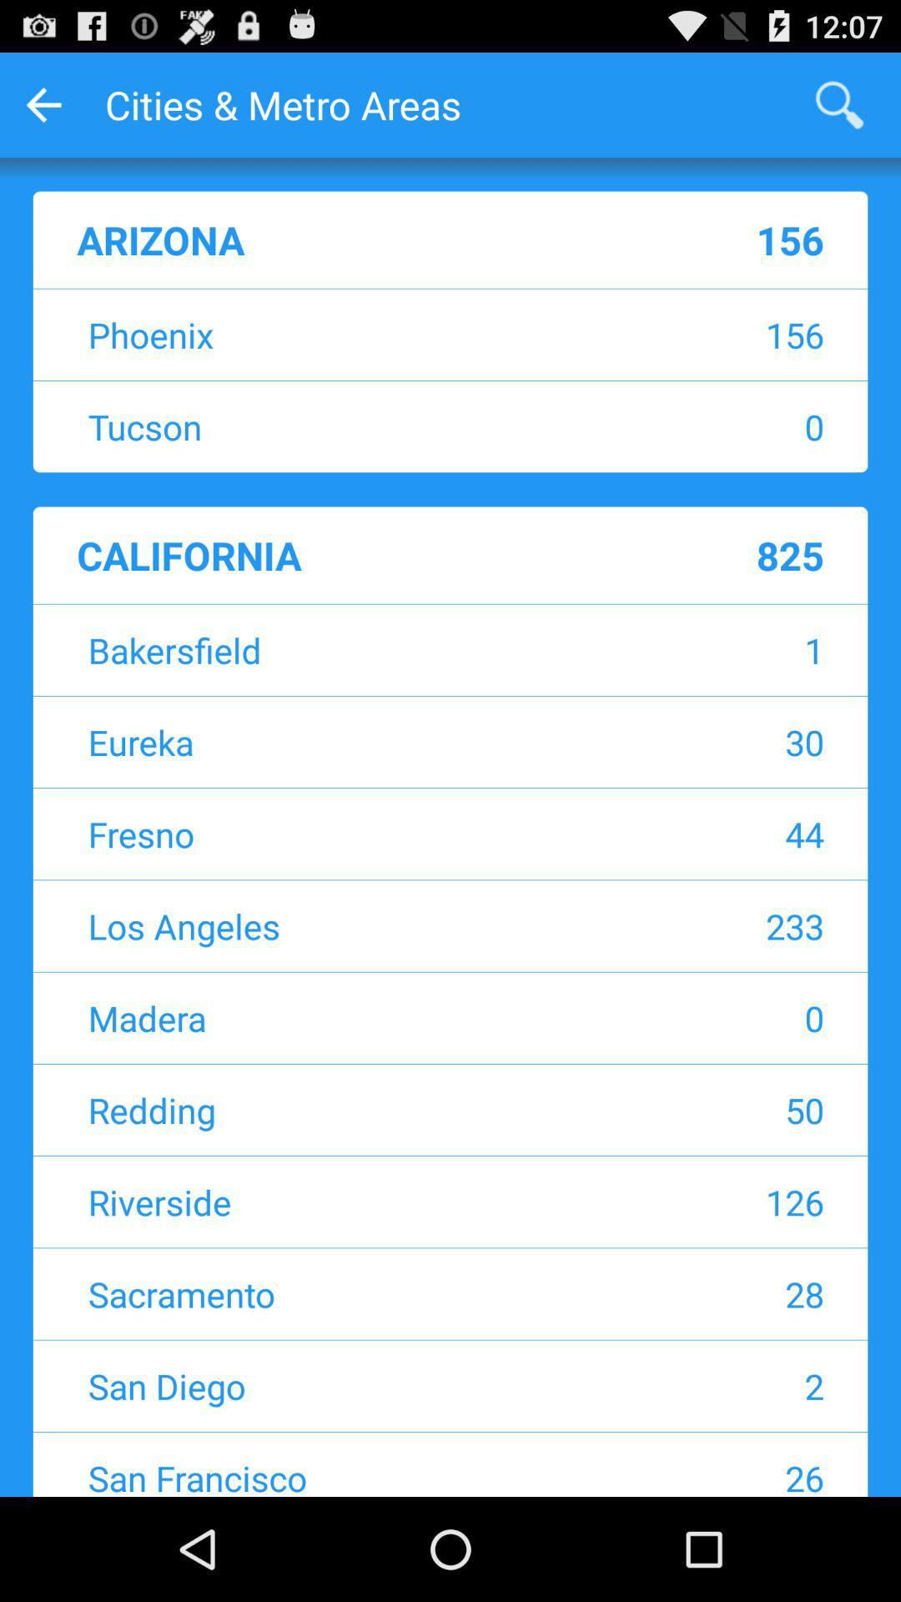 The height and width of the screenshot is (1602, 901). I want to click on redding item, so click(345, 1110).